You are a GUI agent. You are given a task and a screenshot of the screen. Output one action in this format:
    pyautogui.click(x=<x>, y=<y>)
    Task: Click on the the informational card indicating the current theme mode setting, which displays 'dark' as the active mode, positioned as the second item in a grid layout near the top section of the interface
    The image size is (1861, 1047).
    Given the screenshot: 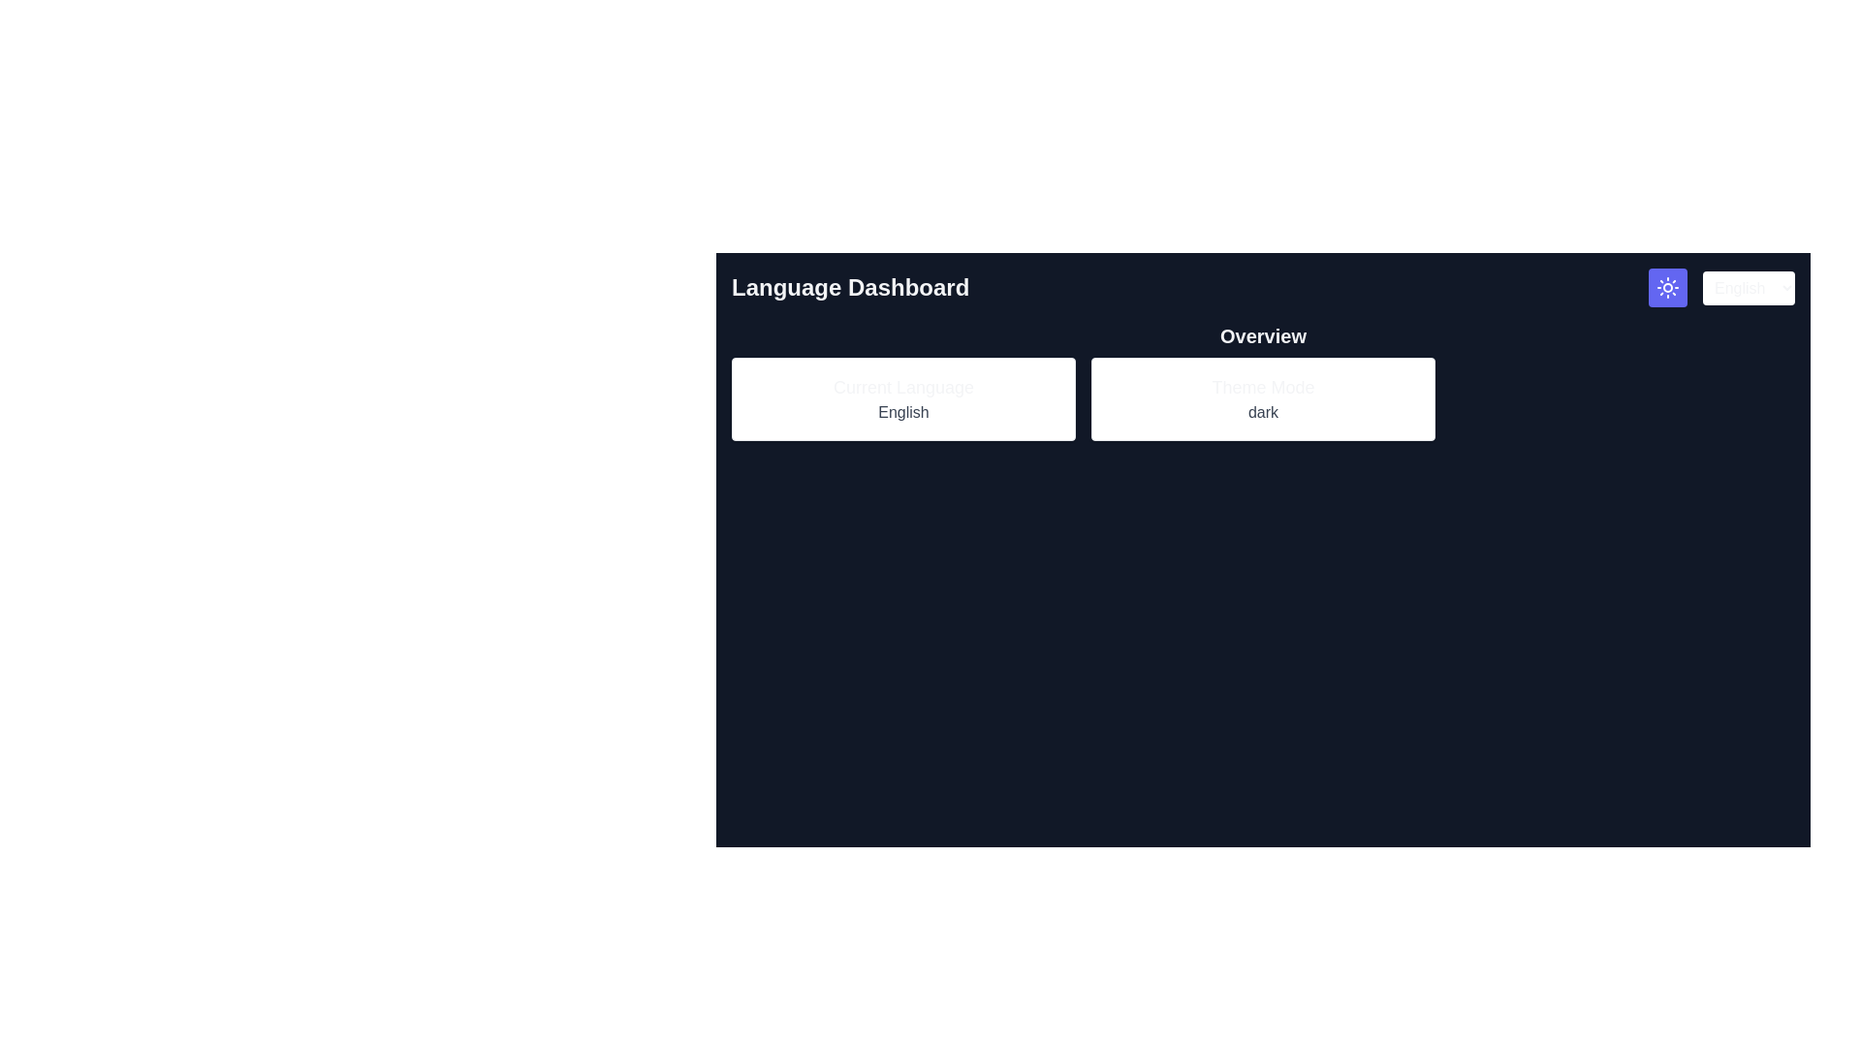 What is the action you would take?
    pyautogui.click(x=1263, y=398)
    